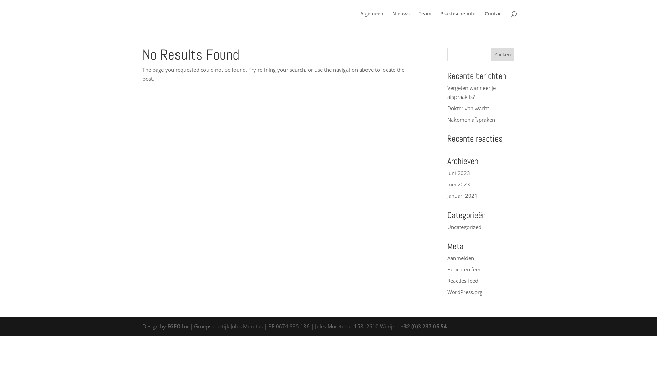  What do you see at coordinates (447, 258) in the screenshot?
I see `'Aanmelden'` at bounding box center [447, 258].